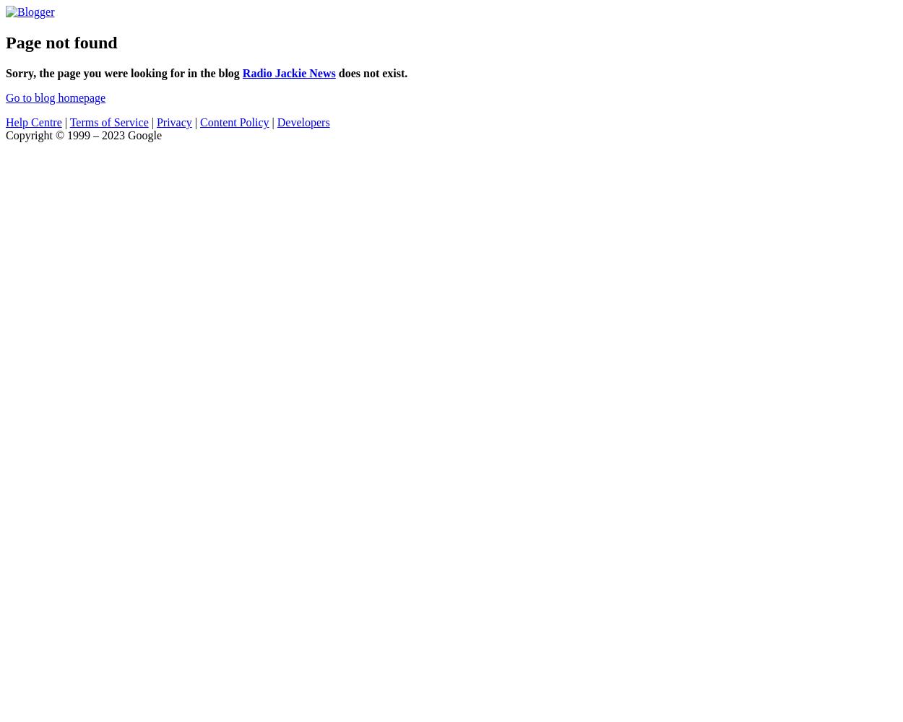 This screenshot has height=722, width=903. Describe the element at coordinates (124, 71) in the screenshot. I see `'Sorry, the page you were looking for in the blog'` at that location.